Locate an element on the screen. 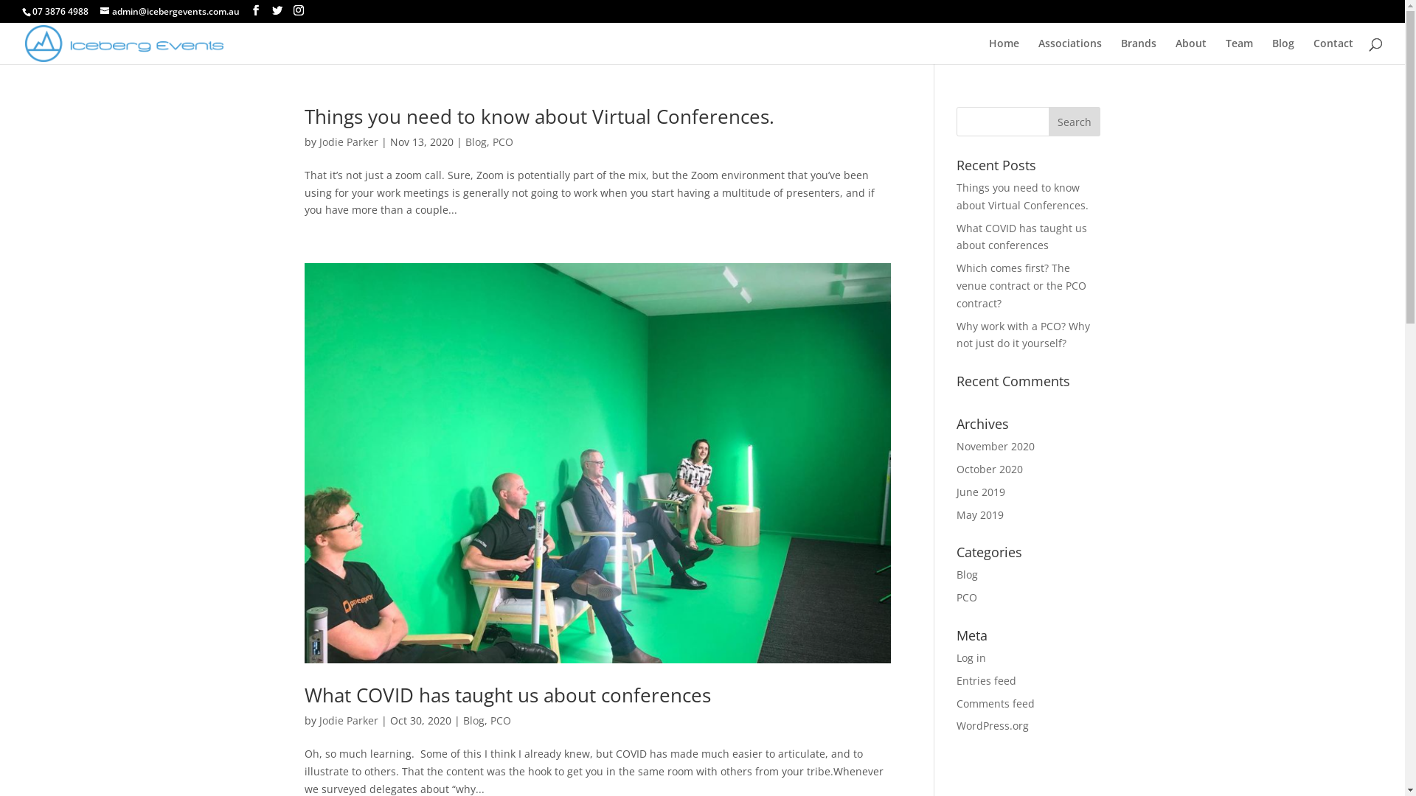  'About' is located at coordinates (1190, 50).